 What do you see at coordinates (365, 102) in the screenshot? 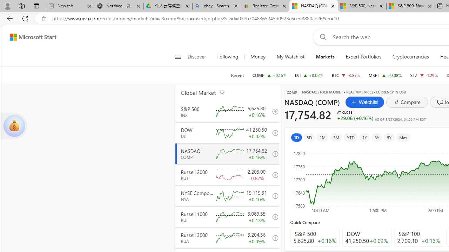
I see `'Watchlist'` at bounding box center [365, 102].